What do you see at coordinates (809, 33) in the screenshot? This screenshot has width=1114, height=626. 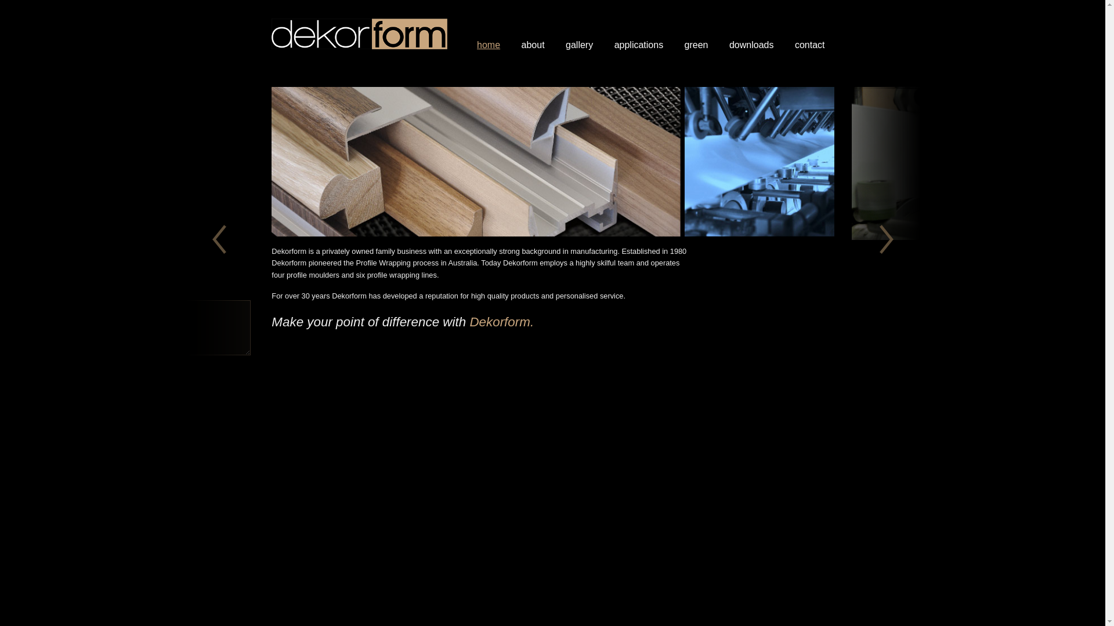 I see `'contact'` at bounding box center [809, 33].